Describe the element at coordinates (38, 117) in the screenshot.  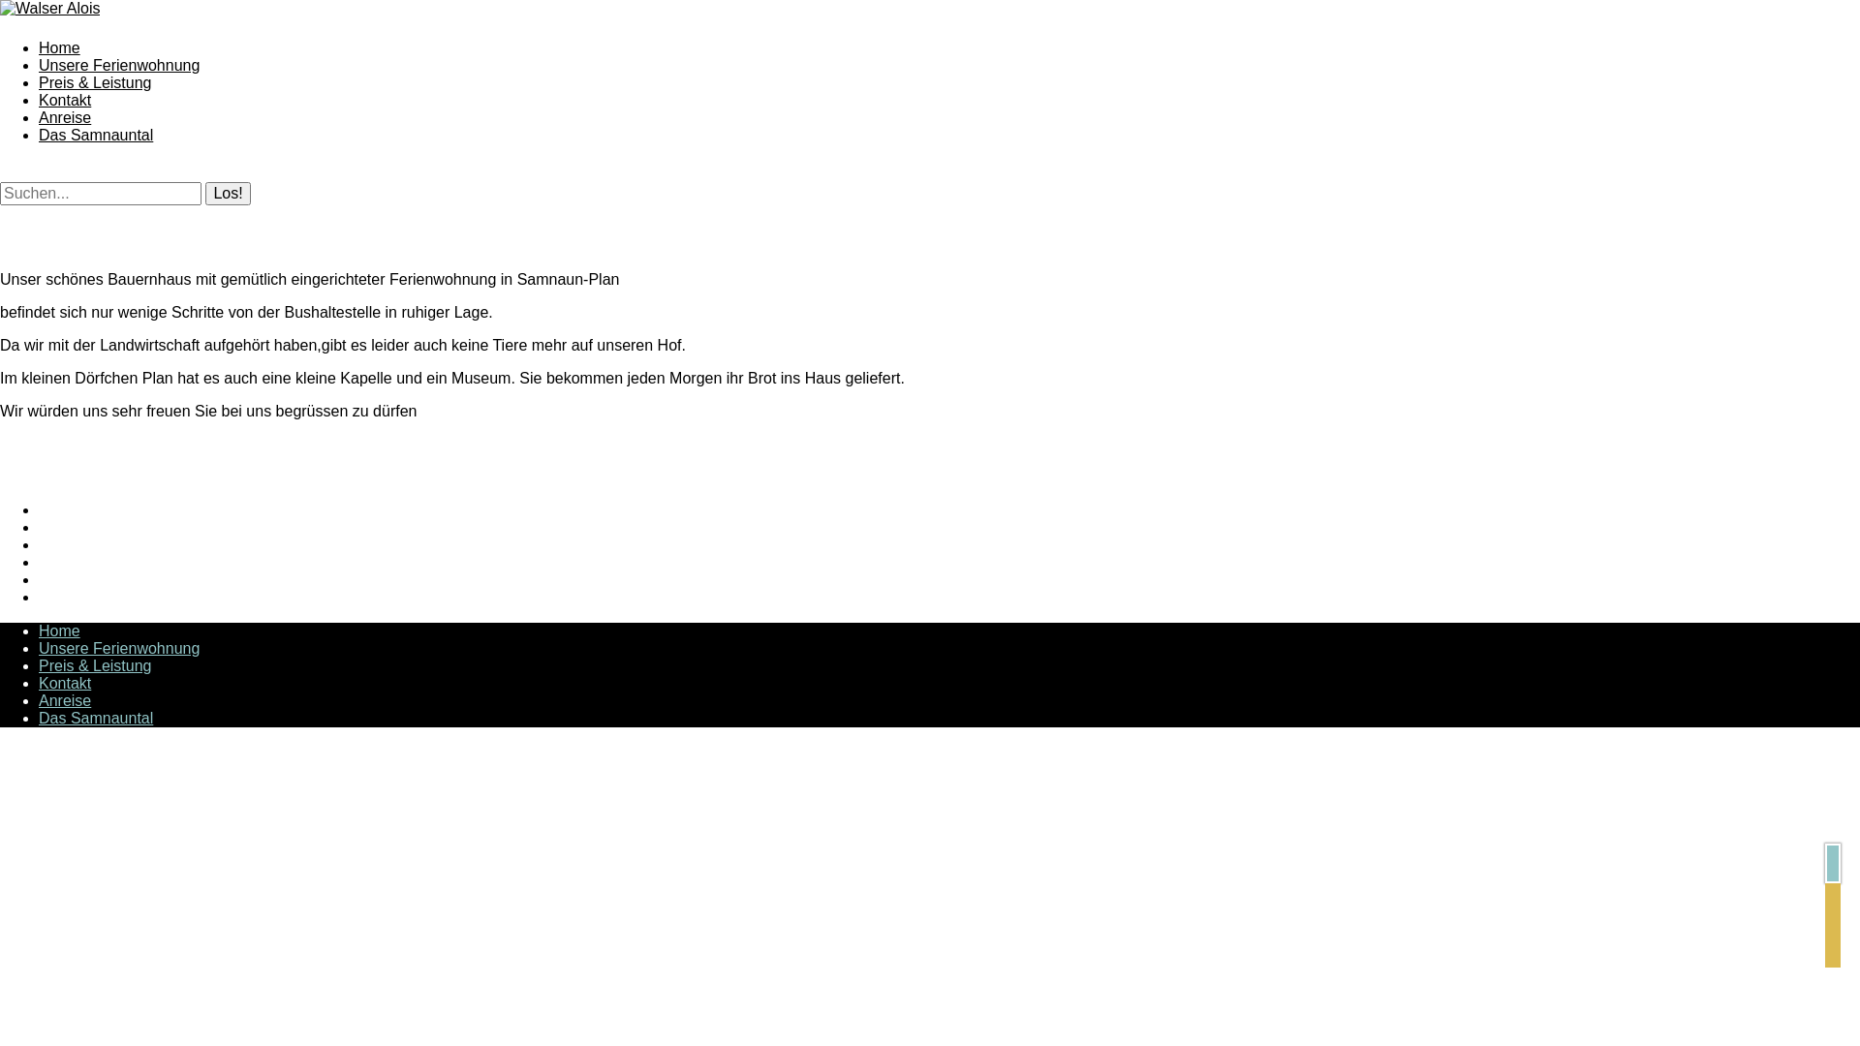
I see `'Anreise'` at that location.